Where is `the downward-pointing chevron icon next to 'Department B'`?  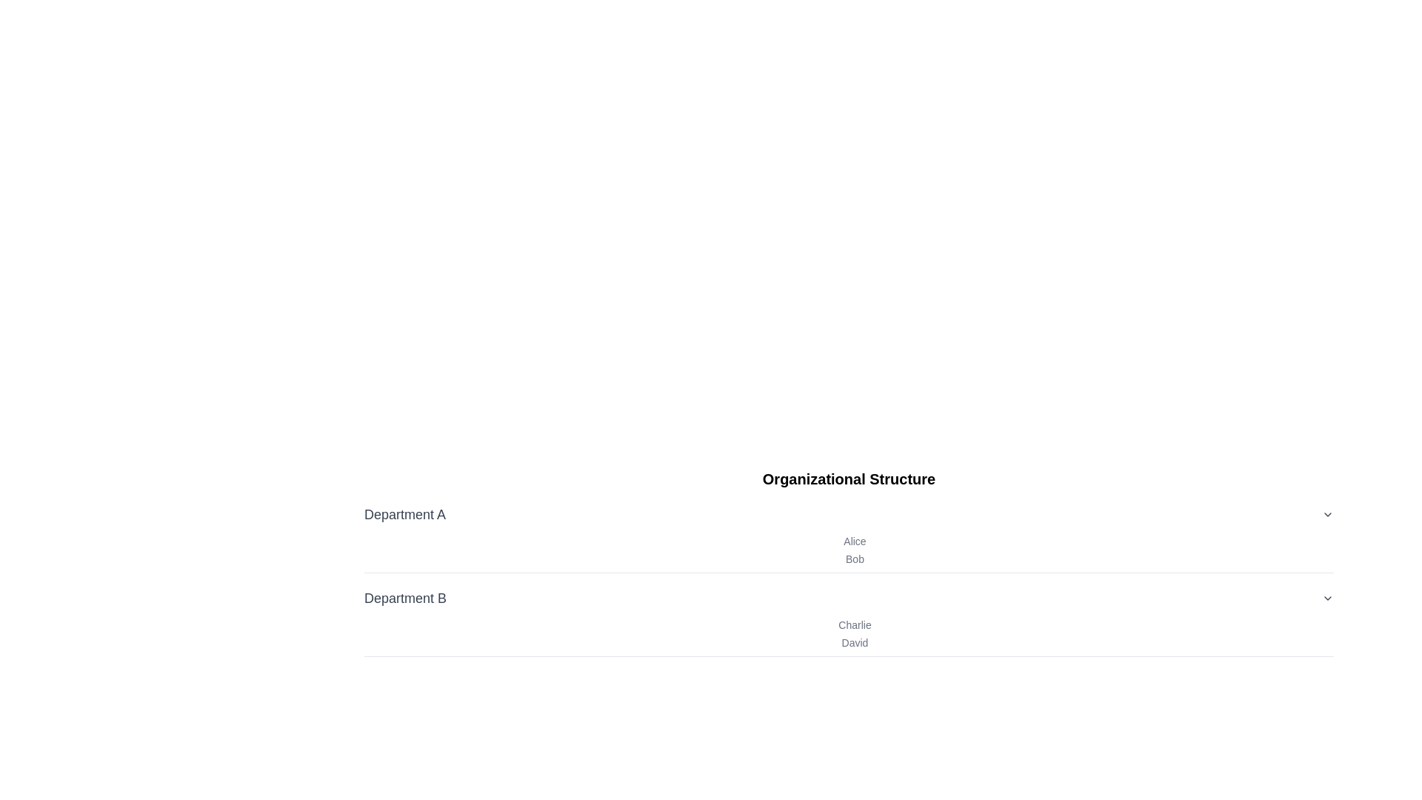 the downward-pointing chevron icon next to 'Department B' is located at coordinates (1328, 597).